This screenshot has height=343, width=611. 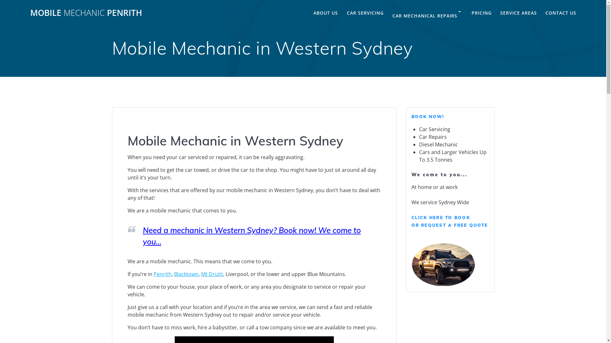 What do you see at coordinates (392, 16) in the screenshot?
I see `'CAR MECHANICAL REPAIRS'` at bounding box center [392, 16].